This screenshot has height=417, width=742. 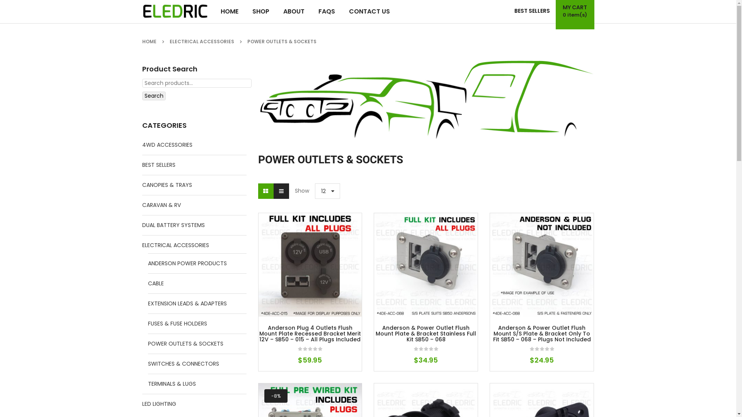 What do you see at coordinates (142, 403) in the screenshot?
I see `'LED LIGHTING'` at bounding box center [142, 403].